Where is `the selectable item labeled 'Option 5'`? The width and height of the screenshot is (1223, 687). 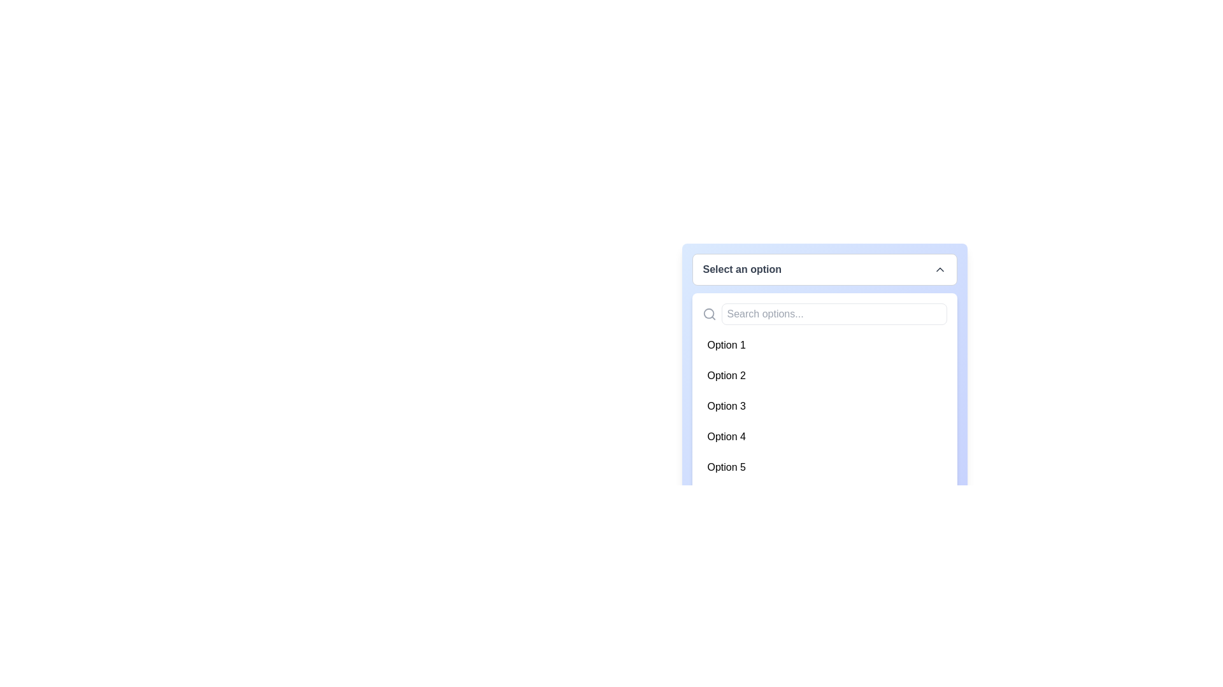
the selectable item labeled 'Option 5' is located at coordinates (824, 468).